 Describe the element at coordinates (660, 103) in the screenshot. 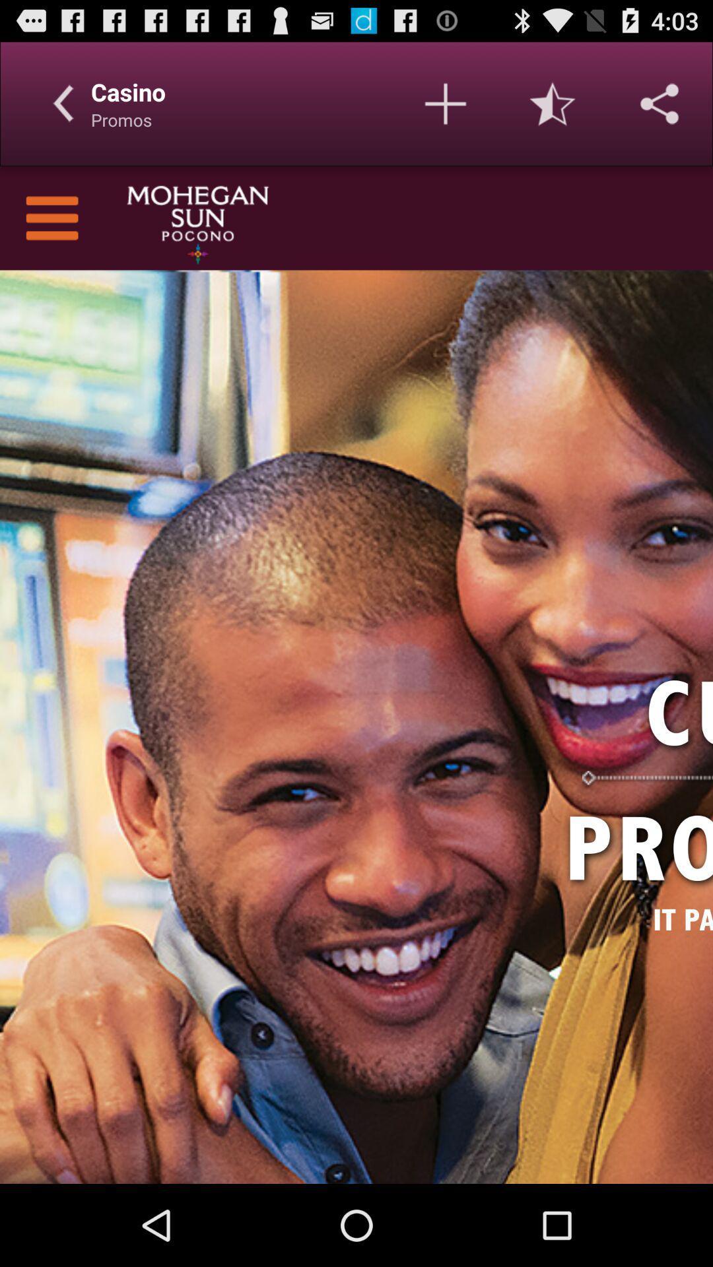

I see `share link` at that location.